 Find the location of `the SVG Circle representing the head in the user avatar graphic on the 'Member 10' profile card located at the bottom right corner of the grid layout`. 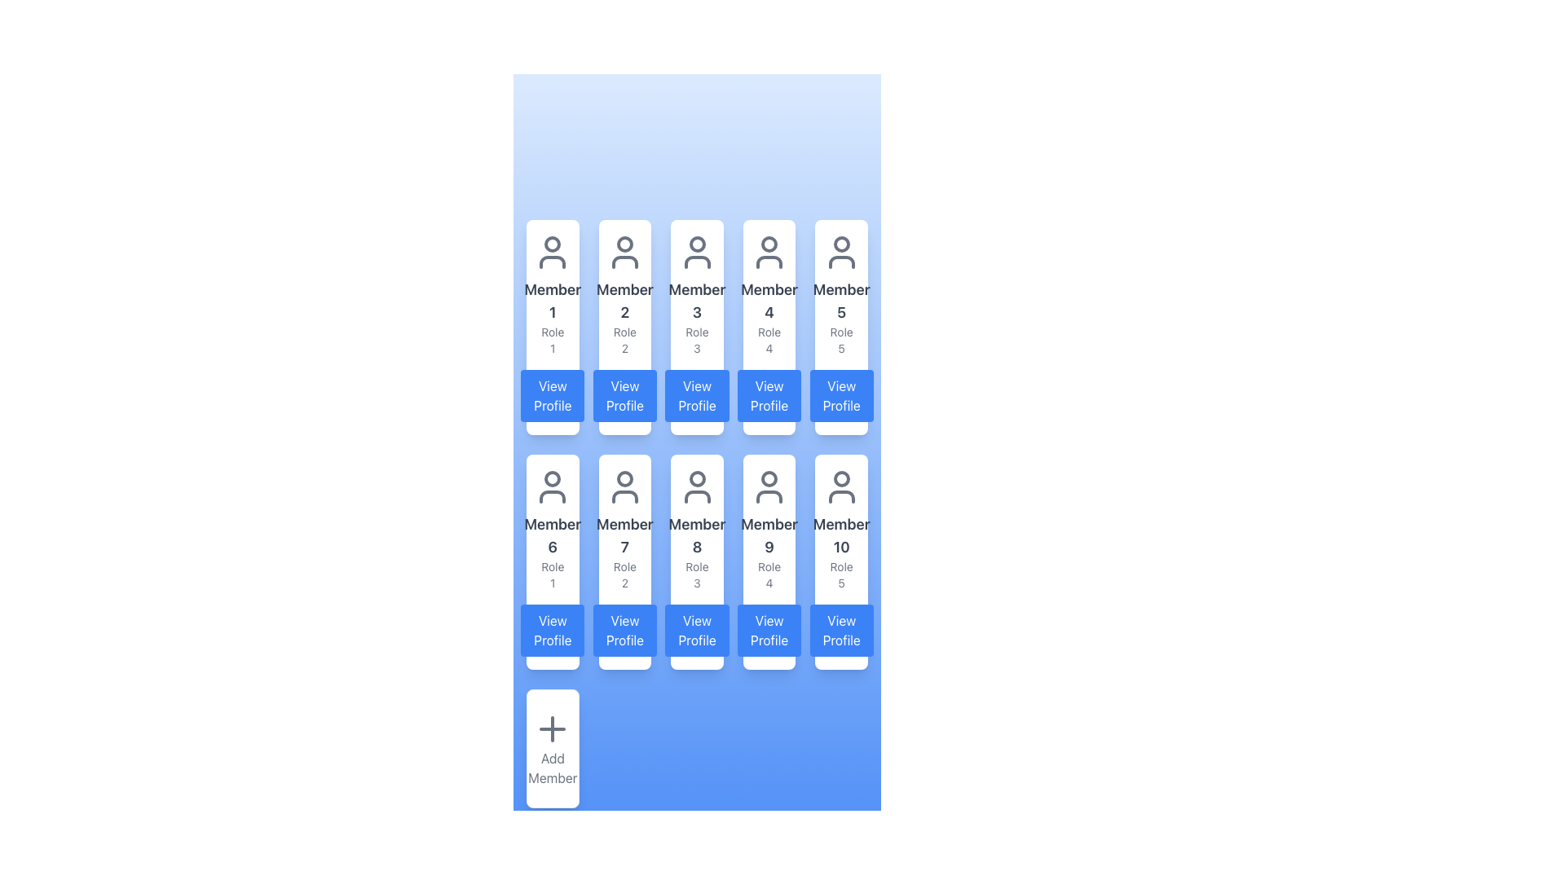

the SVG Circle representing the head in the user avatar graphic on the 'Member 10' profile card located at the bottom right corner of the grid layout is located at coordinates (841, 477).